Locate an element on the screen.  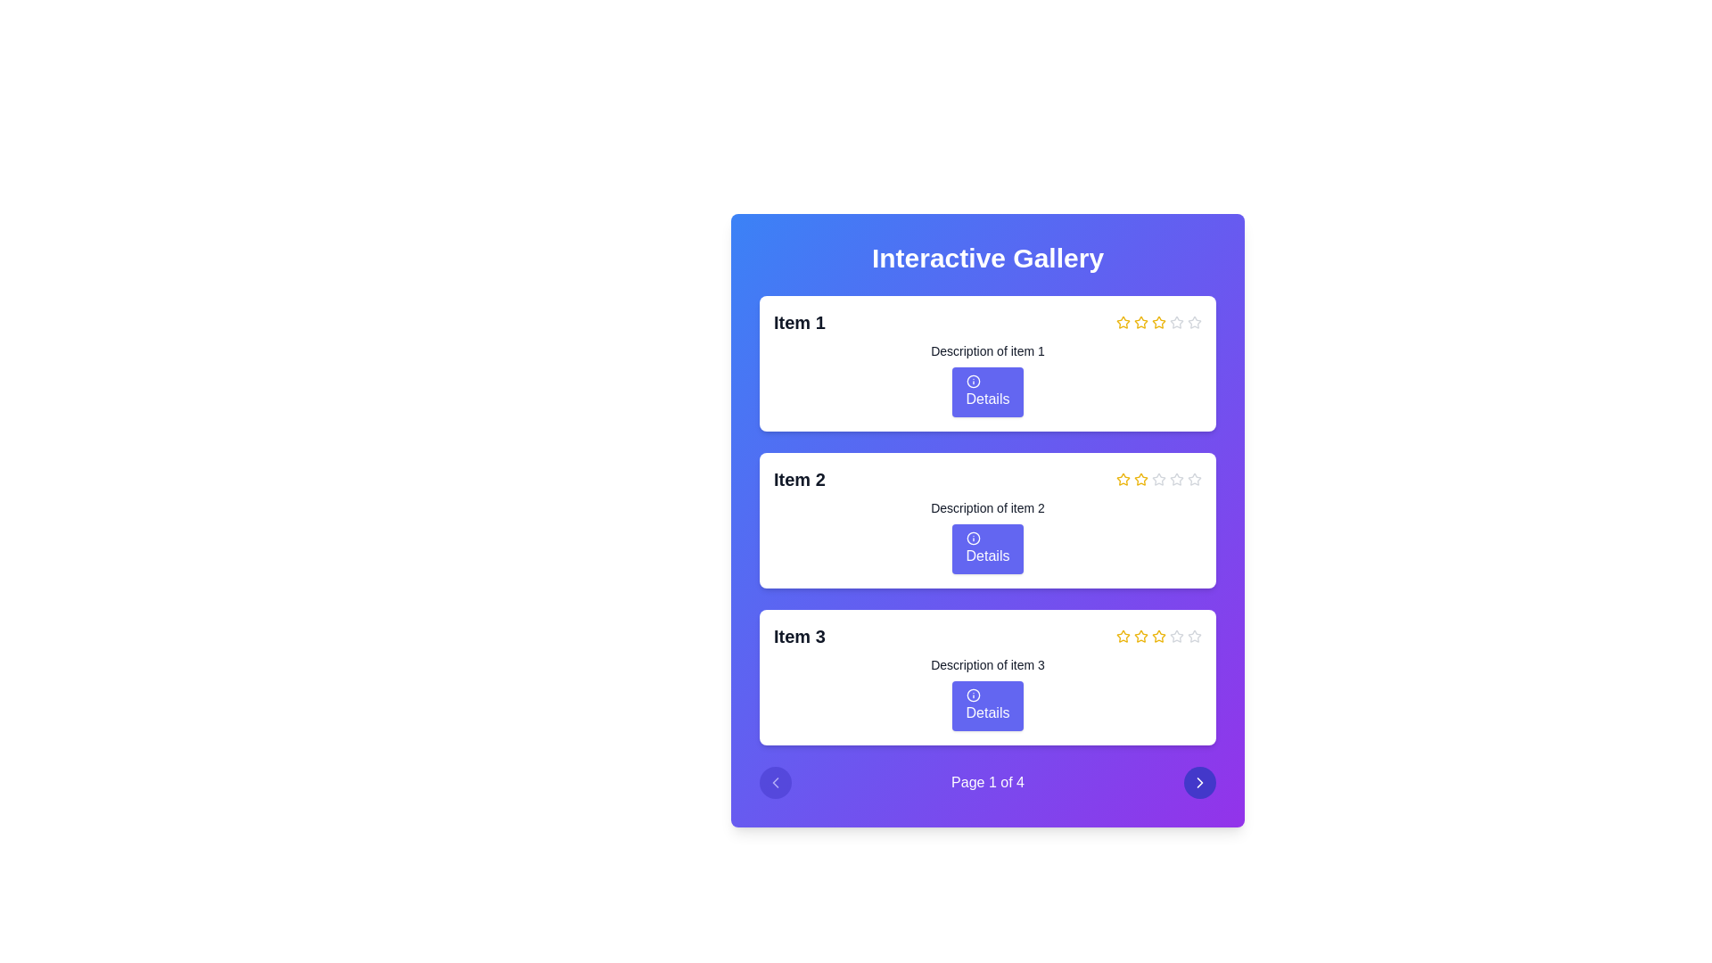
the yellow star icon, which is the first in a horizontal row of rating icons next to the text 'Item 1' is located at coordinates (1122, 323).